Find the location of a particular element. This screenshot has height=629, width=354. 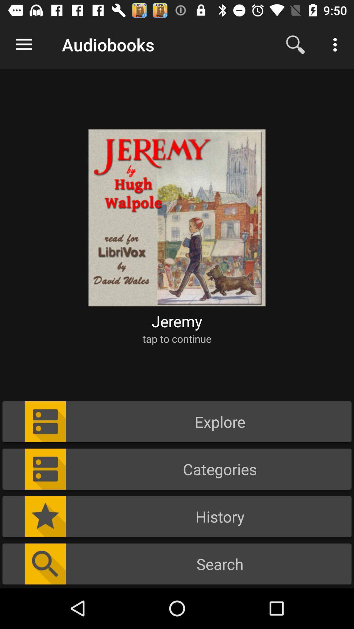

icon below audiobooks item is located at coordinates (177, 214).